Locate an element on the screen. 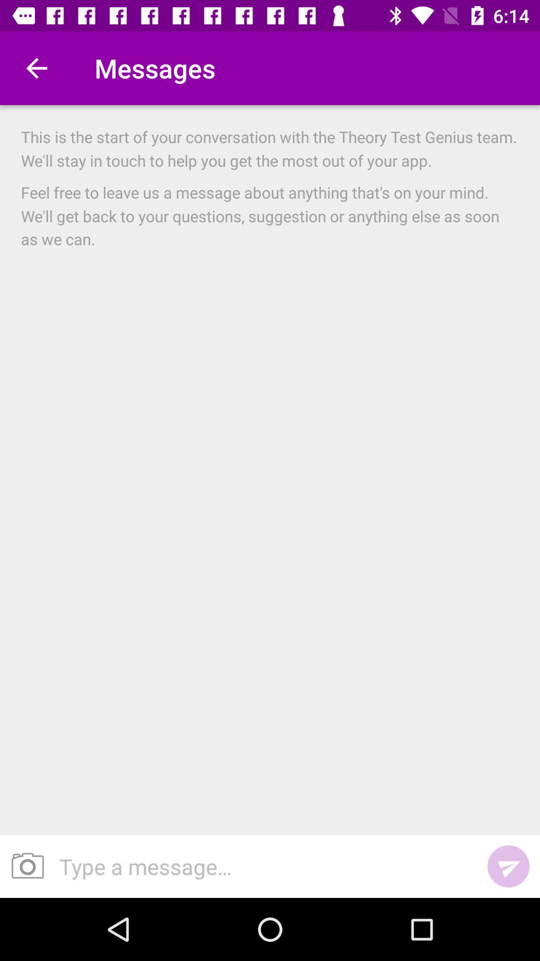 The image size is (540, 961). the icon above feel free to icon is located at coordinates (270, 148).